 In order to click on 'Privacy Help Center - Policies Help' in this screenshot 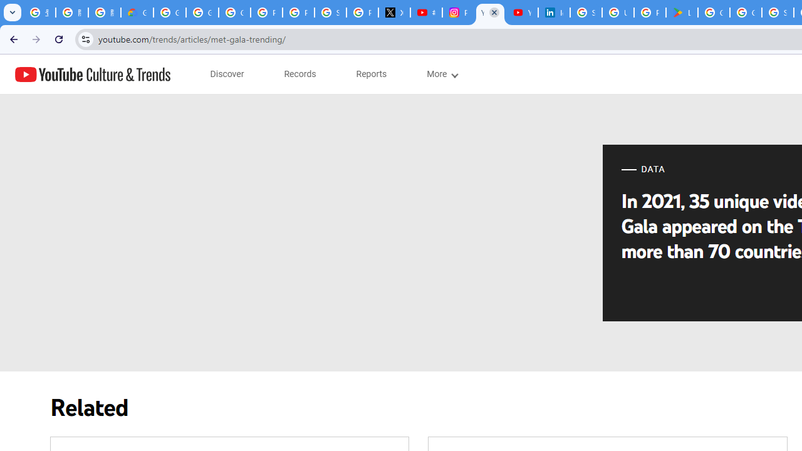, I will do `click(298, 13)`.